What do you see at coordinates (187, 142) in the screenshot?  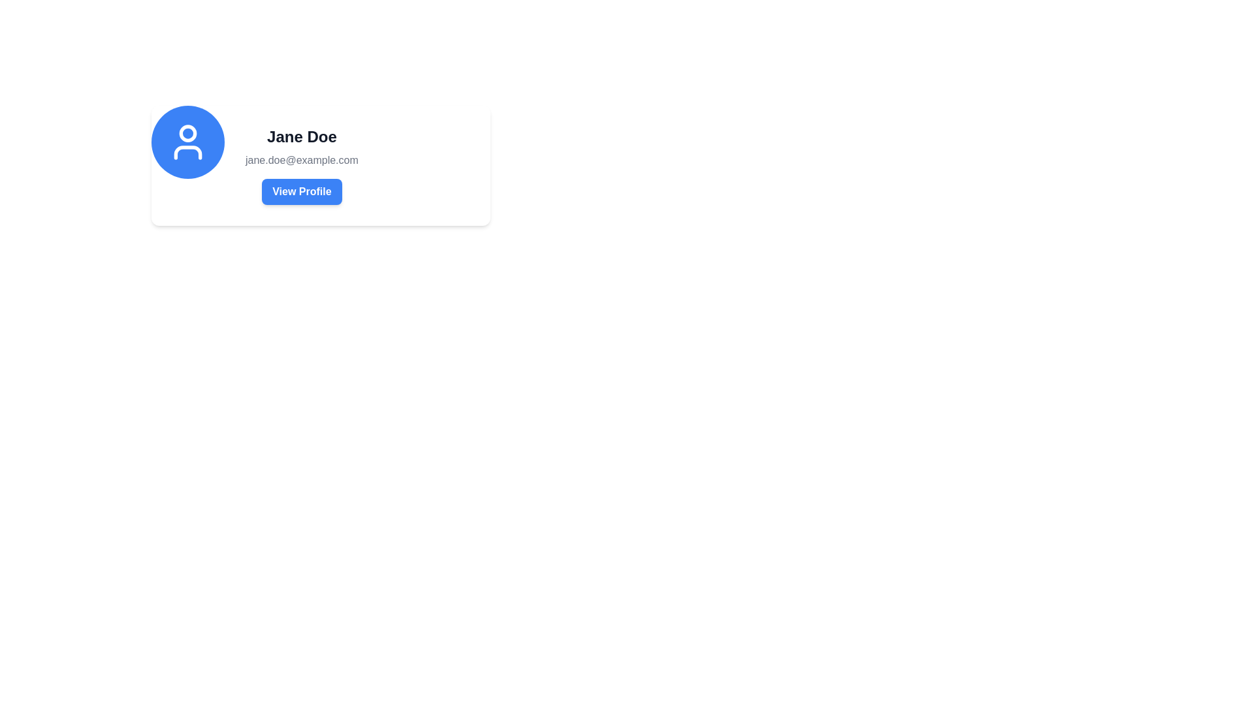 I see `the user's profile picture icon located on the left side within a rounded blue background circle` at bounding box center [187, 142].